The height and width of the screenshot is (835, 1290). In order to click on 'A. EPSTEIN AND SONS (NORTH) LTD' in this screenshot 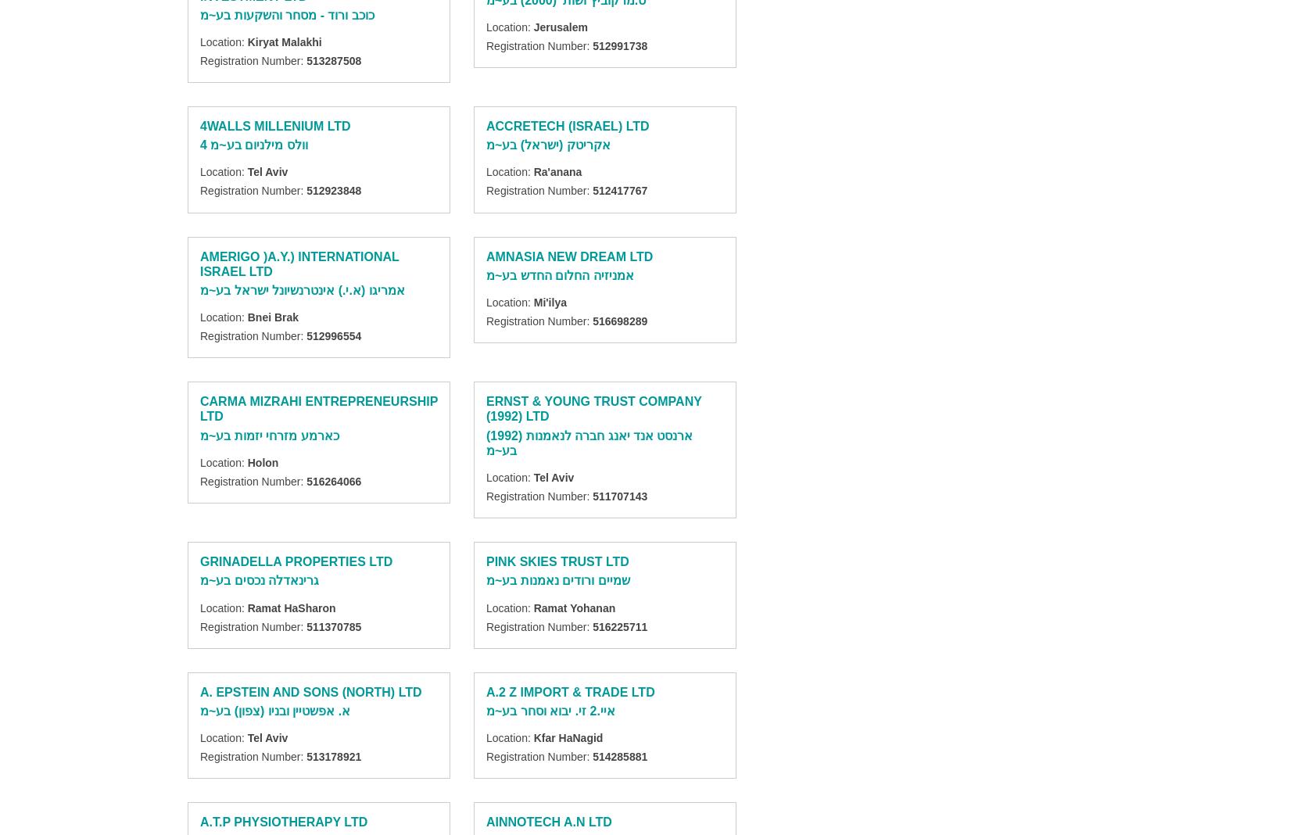, I will do `click(310, 690)`.